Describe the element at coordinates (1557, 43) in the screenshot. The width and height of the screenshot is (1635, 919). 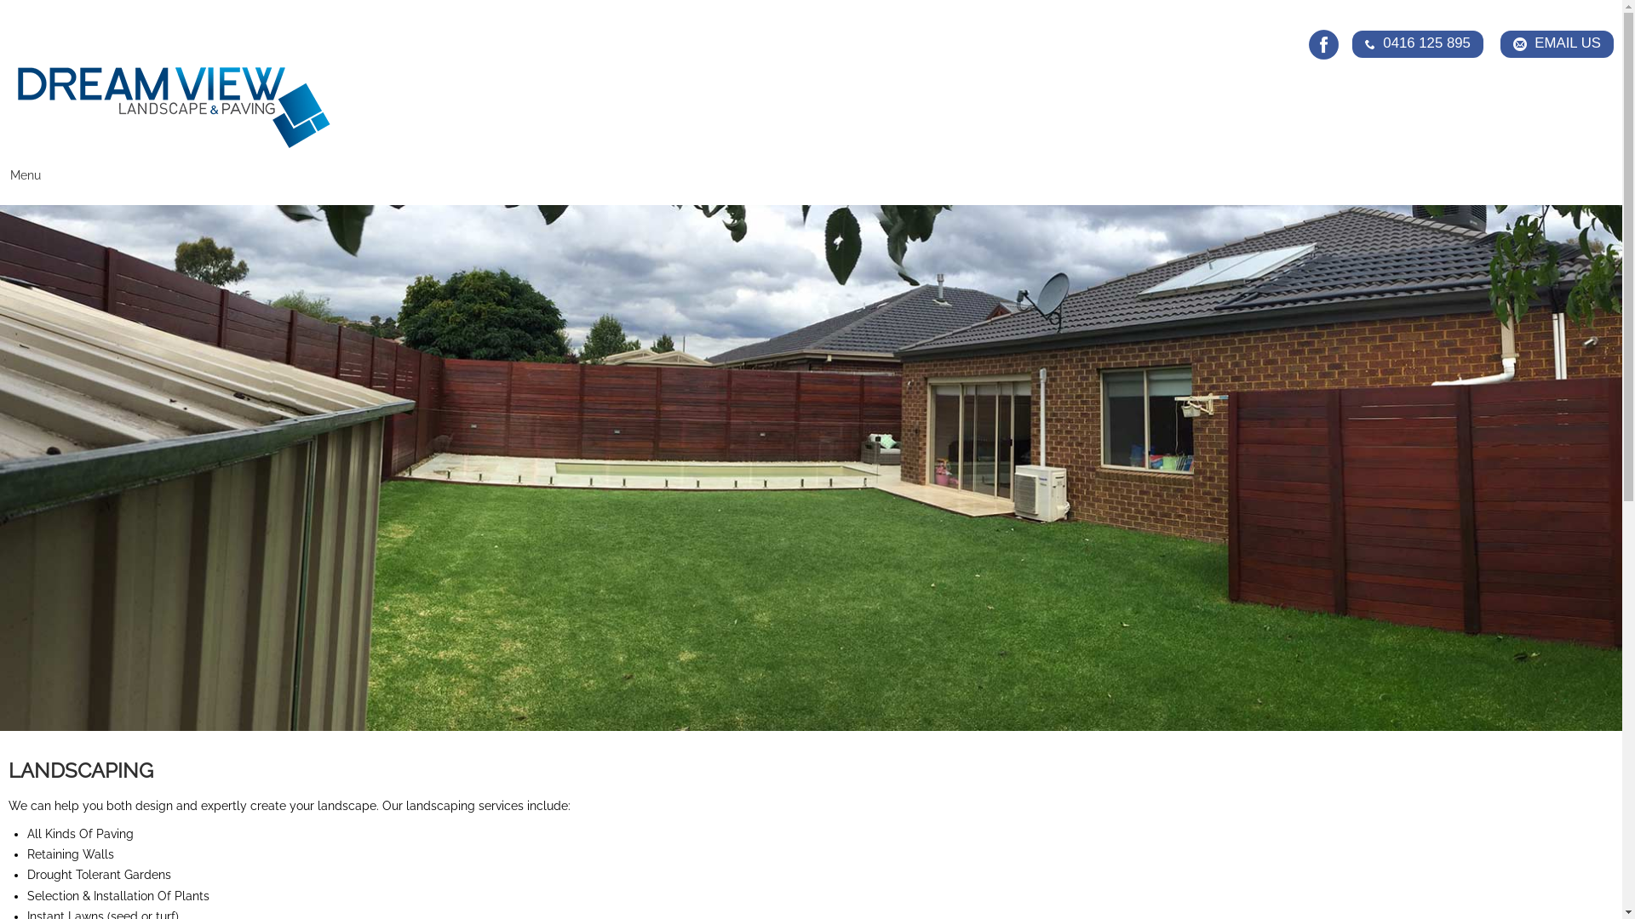
I see `'  EMAIL US'` at that location.